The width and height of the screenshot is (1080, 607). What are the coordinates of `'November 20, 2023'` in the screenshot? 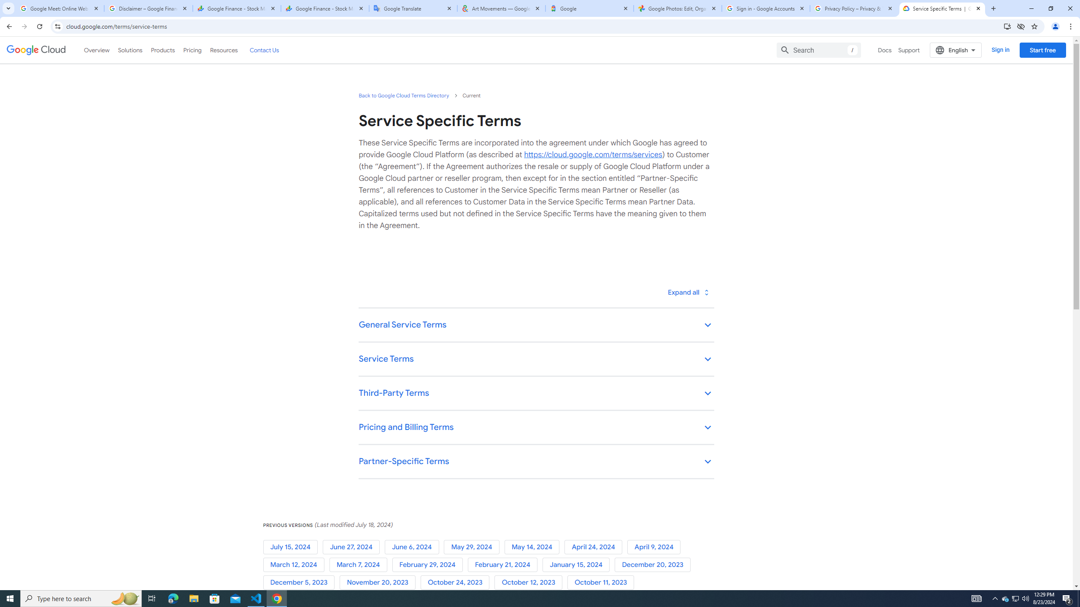 It's located at (379, 583).